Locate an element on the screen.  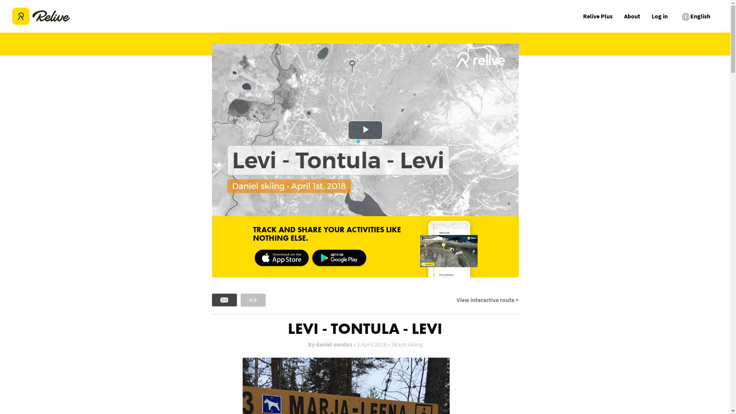
'Log in' is located at coordinates (659, 16).